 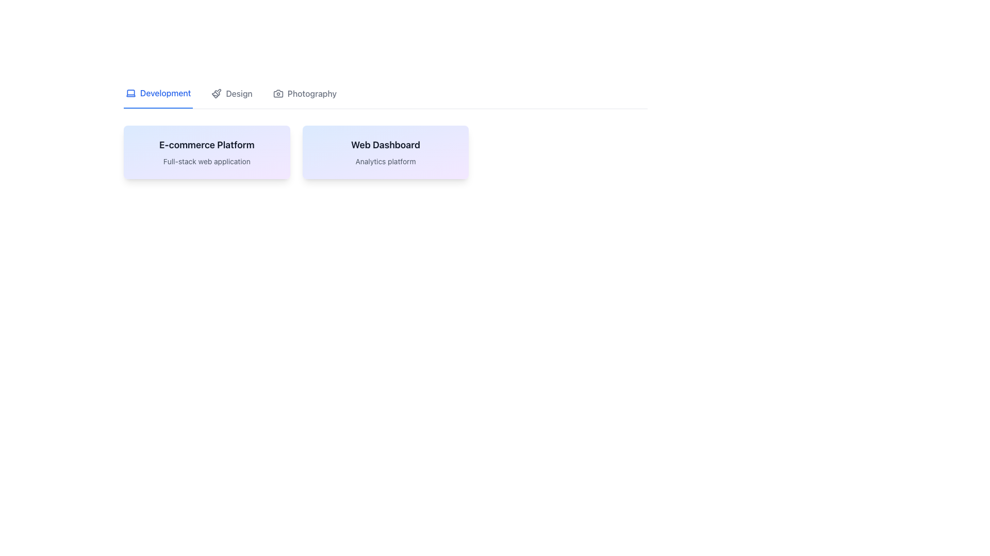 What do you see at coordinates (385, 152) in the screenshot?
I see `the 'Web Dashboard' card element, which has a white background, rounded edges, and contains the text 'Web Dashboard' in bold and 'Analytics platform' in smaller text` at bounding box center [385, 152].